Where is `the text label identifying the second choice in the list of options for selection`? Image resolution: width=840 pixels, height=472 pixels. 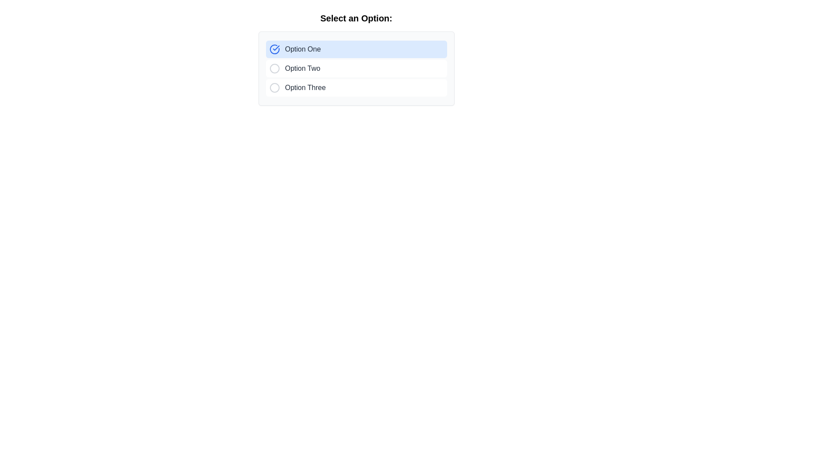 the text label identifying the second choice in the list of options for selection is located at coordinates (302, 68).